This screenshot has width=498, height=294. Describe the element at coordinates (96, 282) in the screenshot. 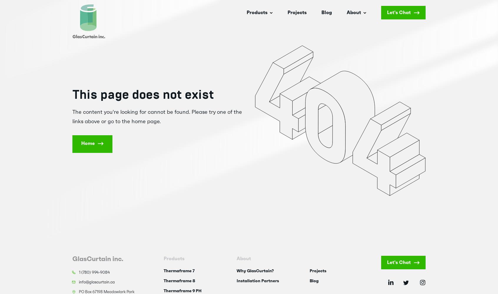

I see `'info@glascurtain.ca'` at that location.